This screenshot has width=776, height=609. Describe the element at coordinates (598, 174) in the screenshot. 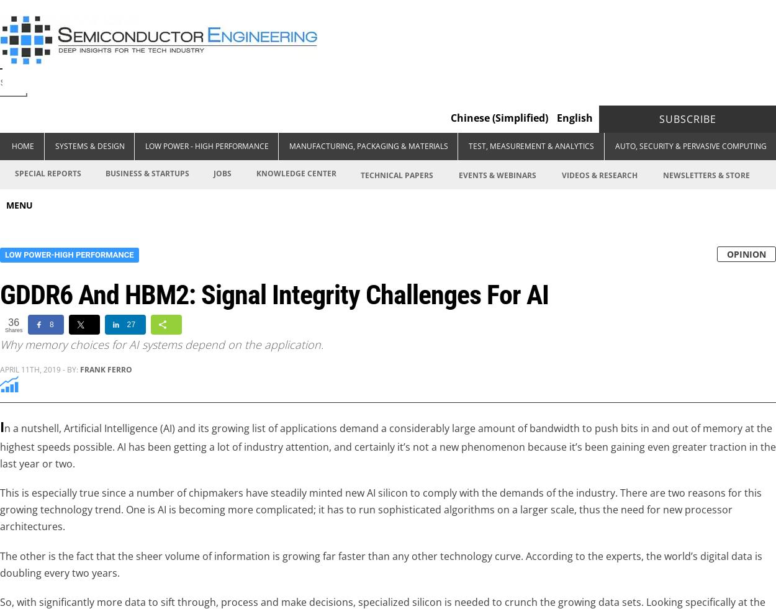

I see `'Videos & Research'` at that location.